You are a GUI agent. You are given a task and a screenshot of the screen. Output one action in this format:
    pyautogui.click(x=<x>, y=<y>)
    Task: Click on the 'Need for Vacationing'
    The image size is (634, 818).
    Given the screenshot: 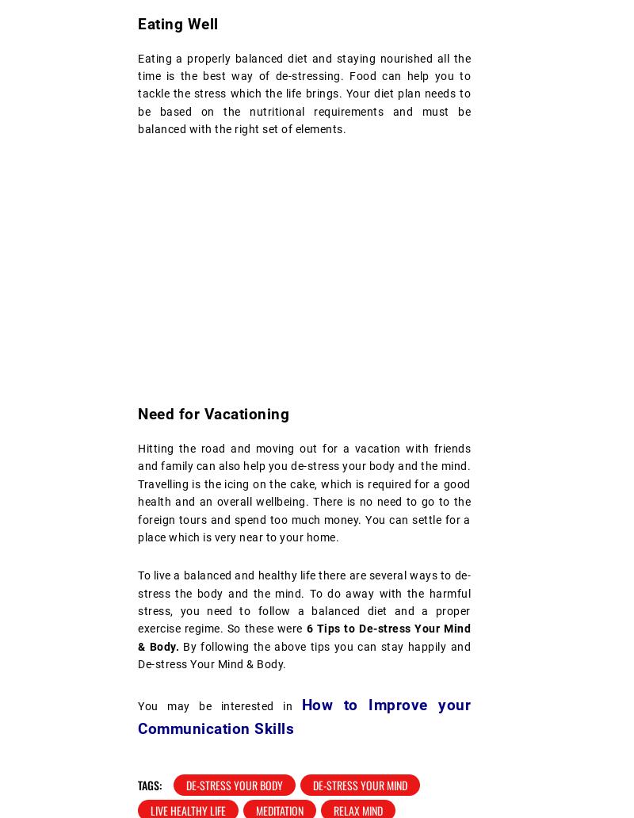 What is the action you would take?
    pyautogui.click(x=213, y=413)
    